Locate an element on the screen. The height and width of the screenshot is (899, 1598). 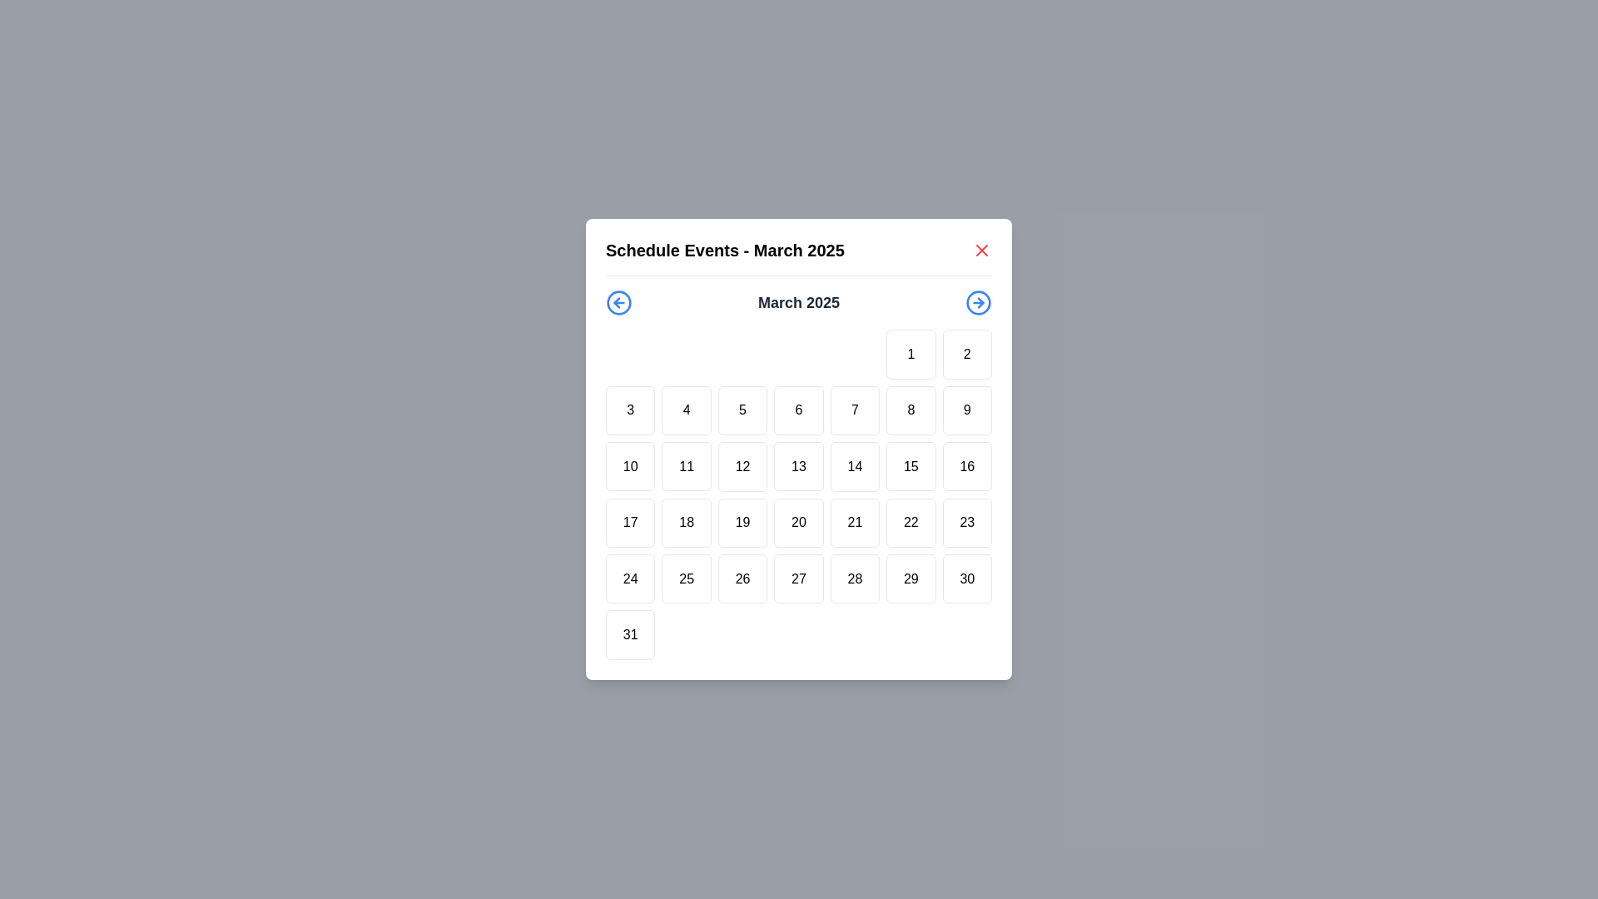
the date button located in the calendar grid, which is the sixth item in the third row is located at coordinates (967, 466).